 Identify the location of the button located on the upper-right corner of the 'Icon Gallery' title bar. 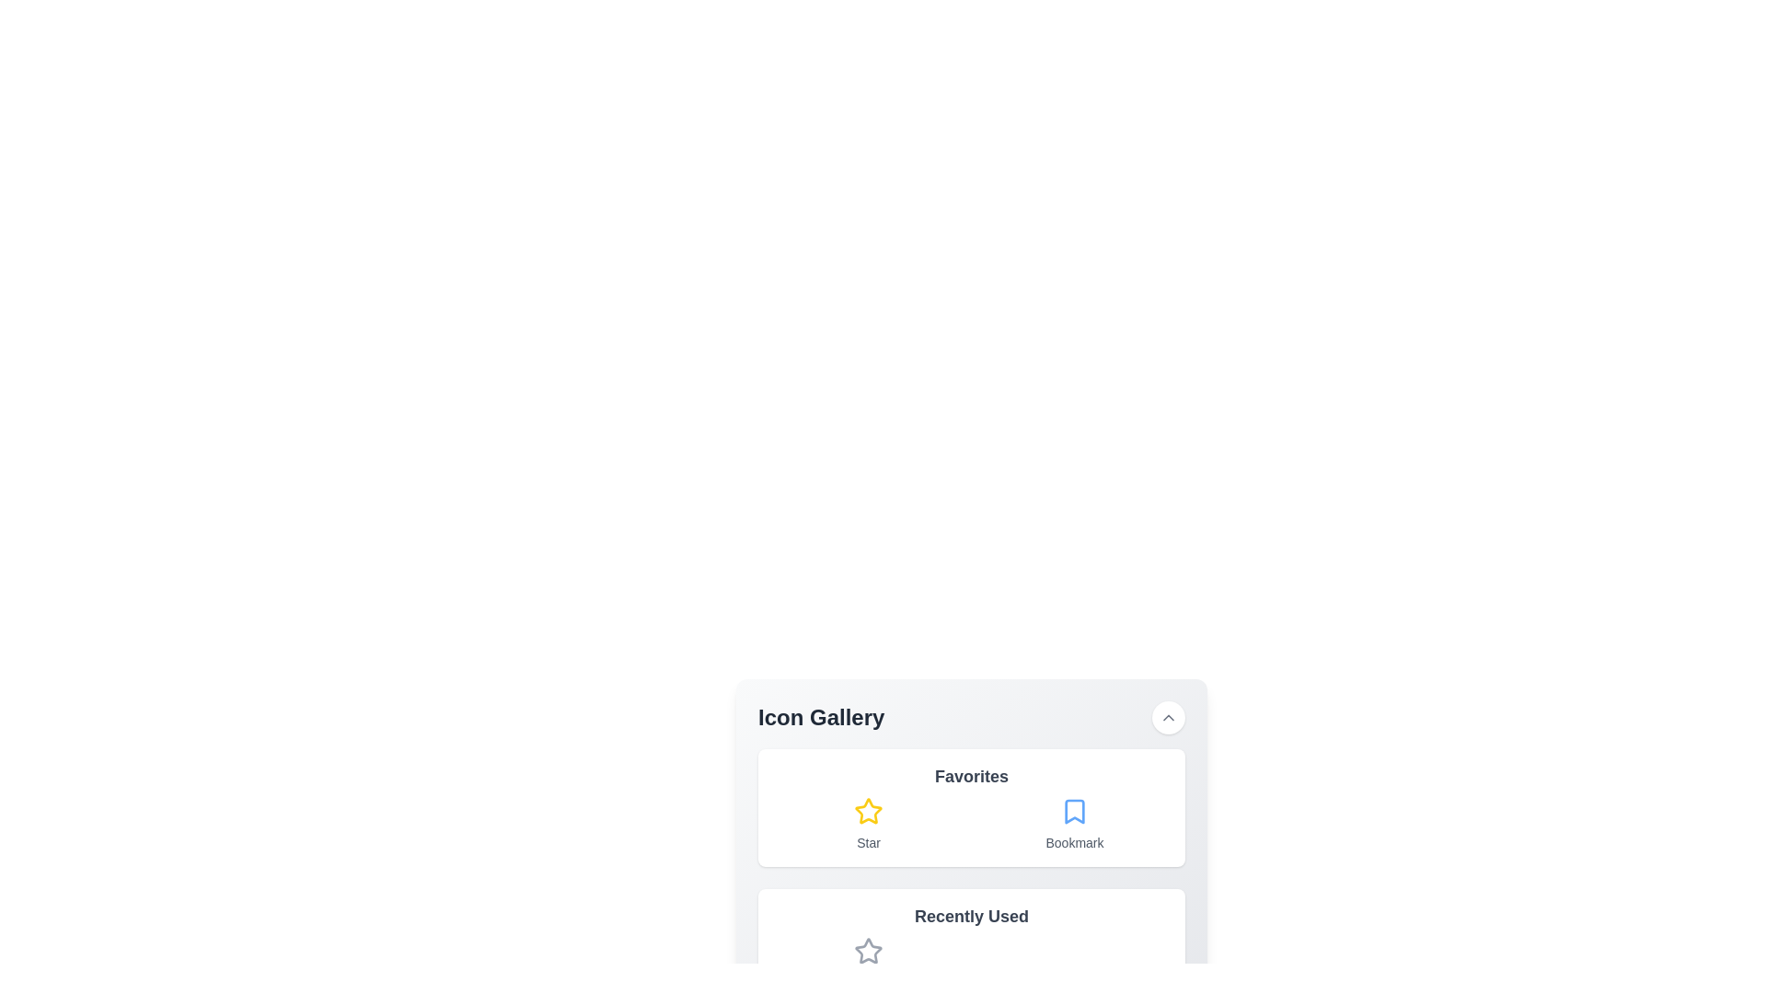
(1168, 716).